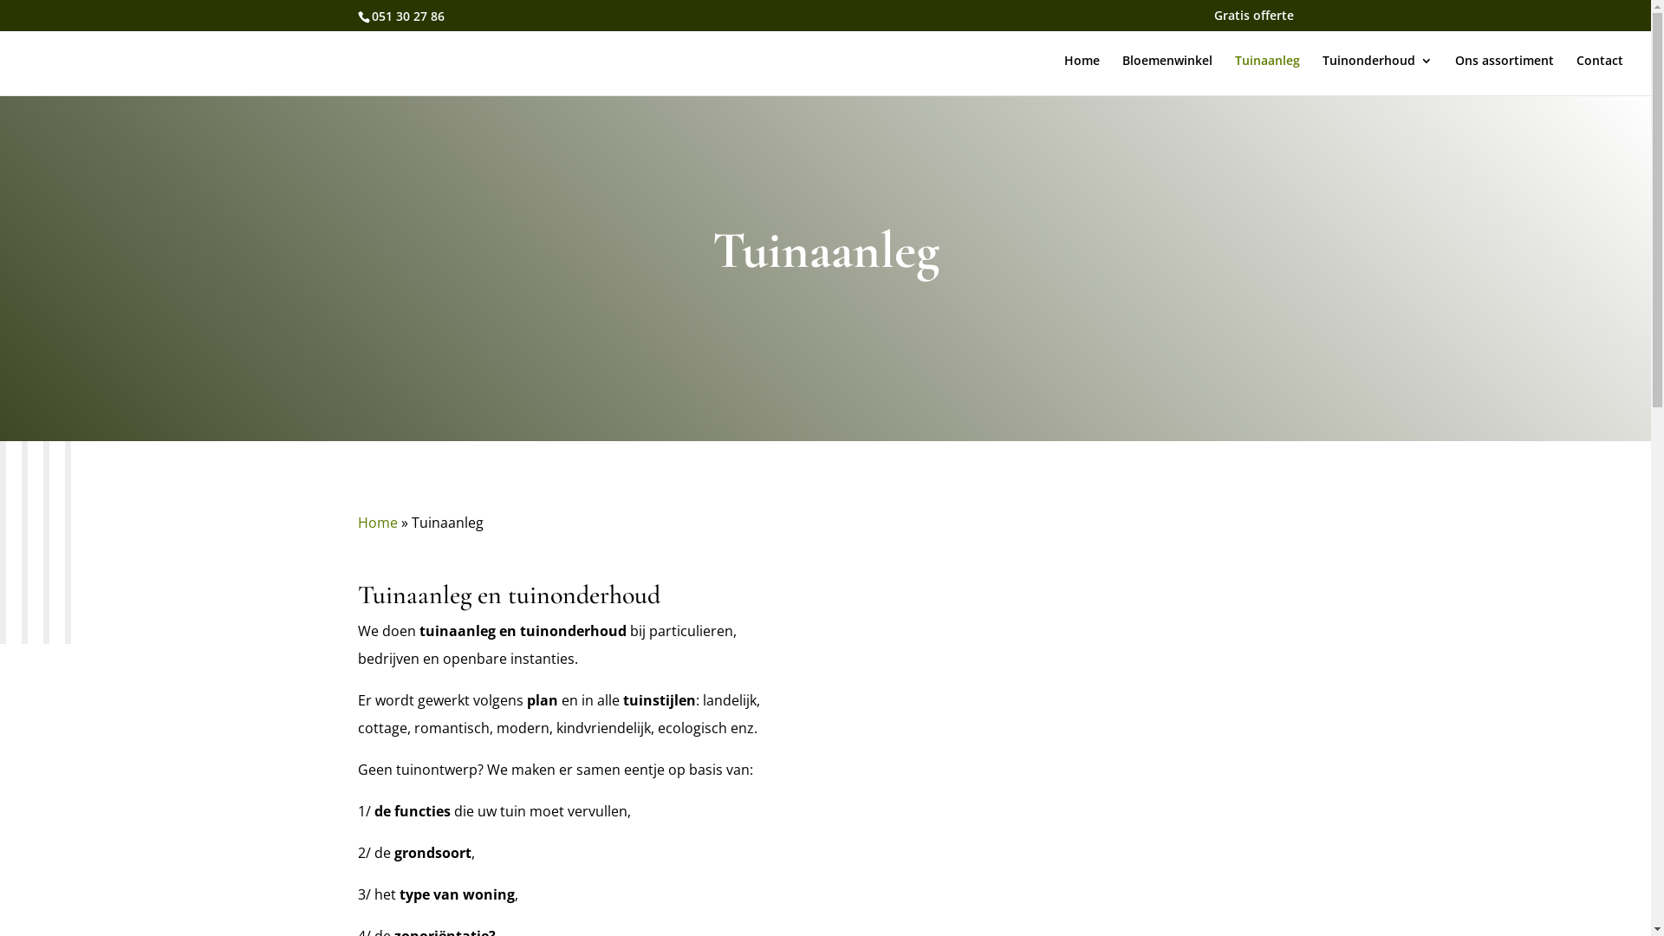 The width and height of the screenshot is (1664, 936). I want to click on 'Home', so click(1081, 74).